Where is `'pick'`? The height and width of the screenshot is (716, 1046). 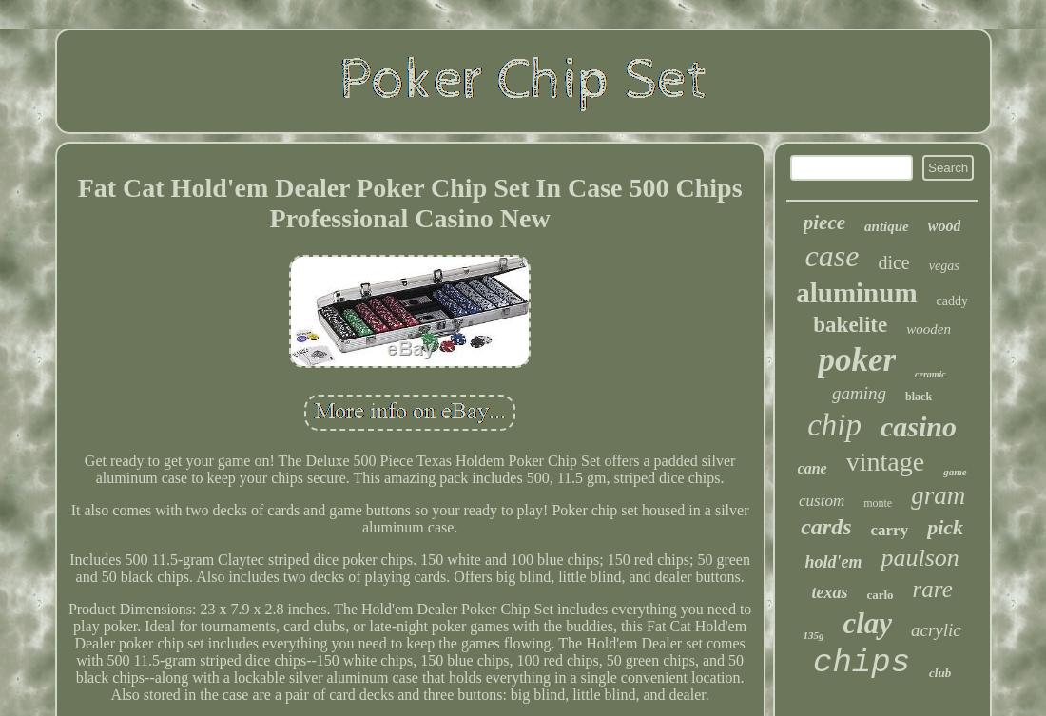 'pick' is located at coordinates (943, 527).